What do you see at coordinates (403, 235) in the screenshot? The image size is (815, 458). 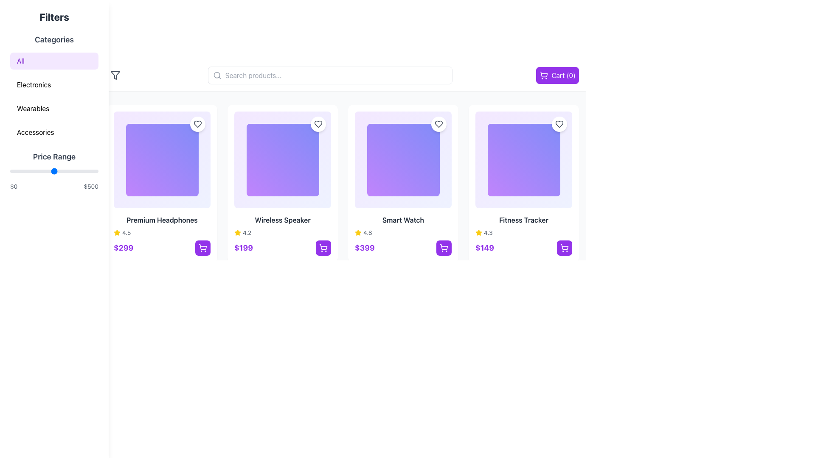 I see `the third product card in the grid layout, which presents detailed information about a product including its name, rating, and price` at bounding box center [403, 235].